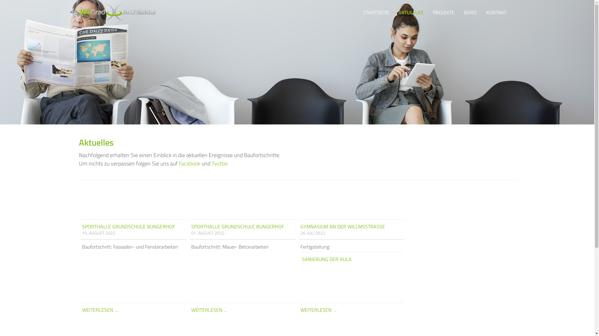 The width and height of the screenshot is (599, 336). What do you see at coordinates (443, 12) in the screenshot?
I see `'PROJEKTE'` at bounding box center [443, 12].